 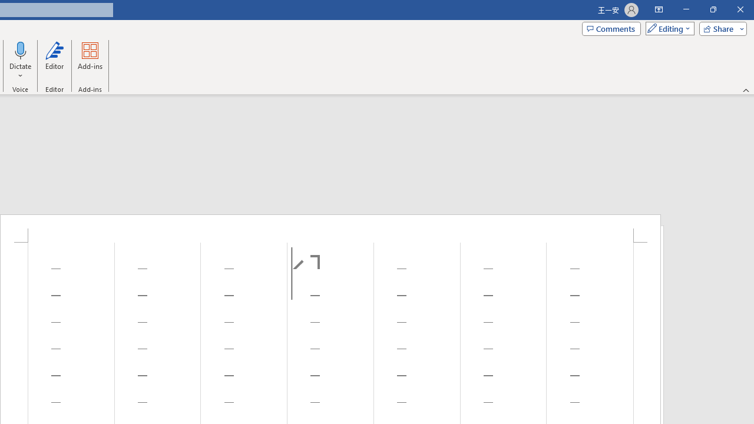 I want to click on 'Minimize', so click(x=686, y=9).